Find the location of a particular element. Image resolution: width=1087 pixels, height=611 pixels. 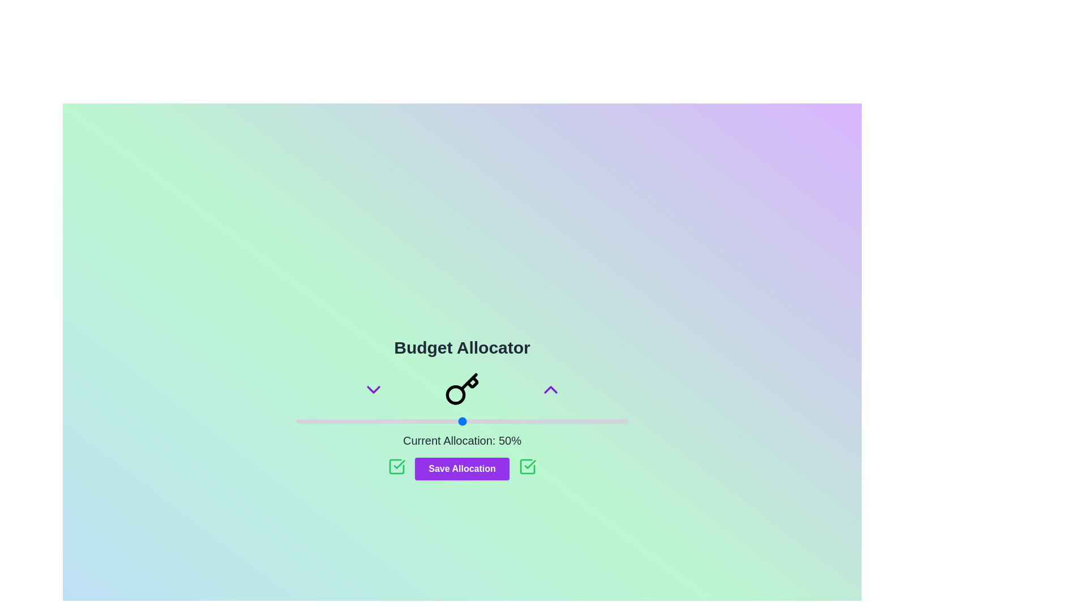

the chevron button to adjust the budget by increase is located at coordinates (550, 389).